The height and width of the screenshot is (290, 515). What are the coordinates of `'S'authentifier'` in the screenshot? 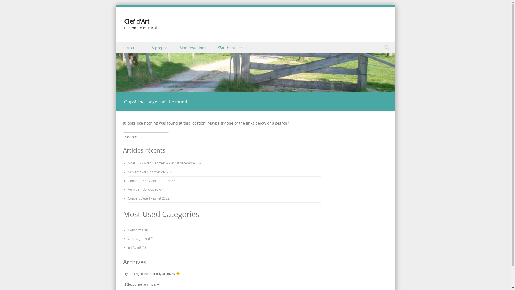 It's located at (212, 47).